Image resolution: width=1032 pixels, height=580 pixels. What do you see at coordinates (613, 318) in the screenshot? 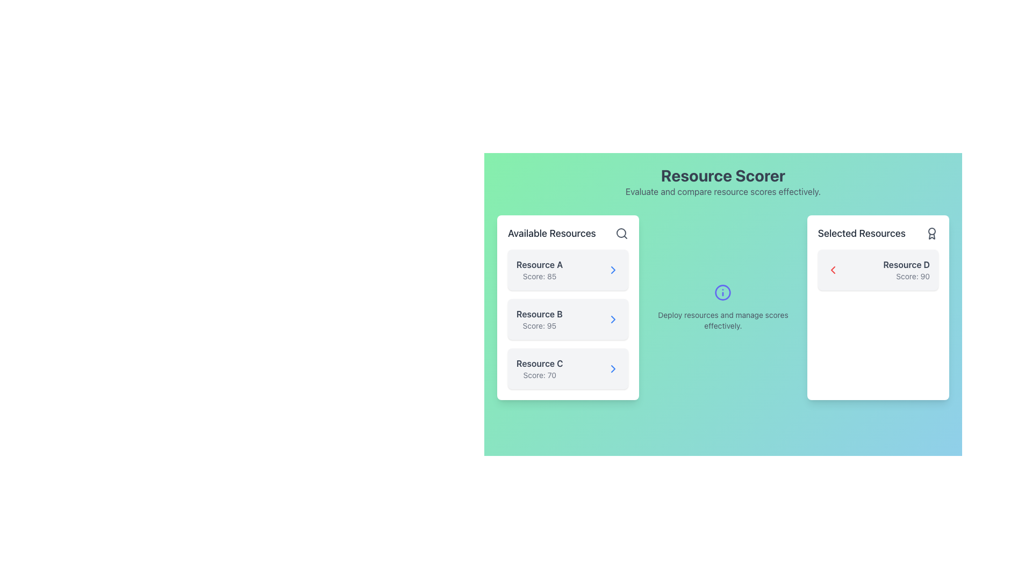
I see `the chevron-right icon associated with 'Resource B'` at bounding box center [613, 318].